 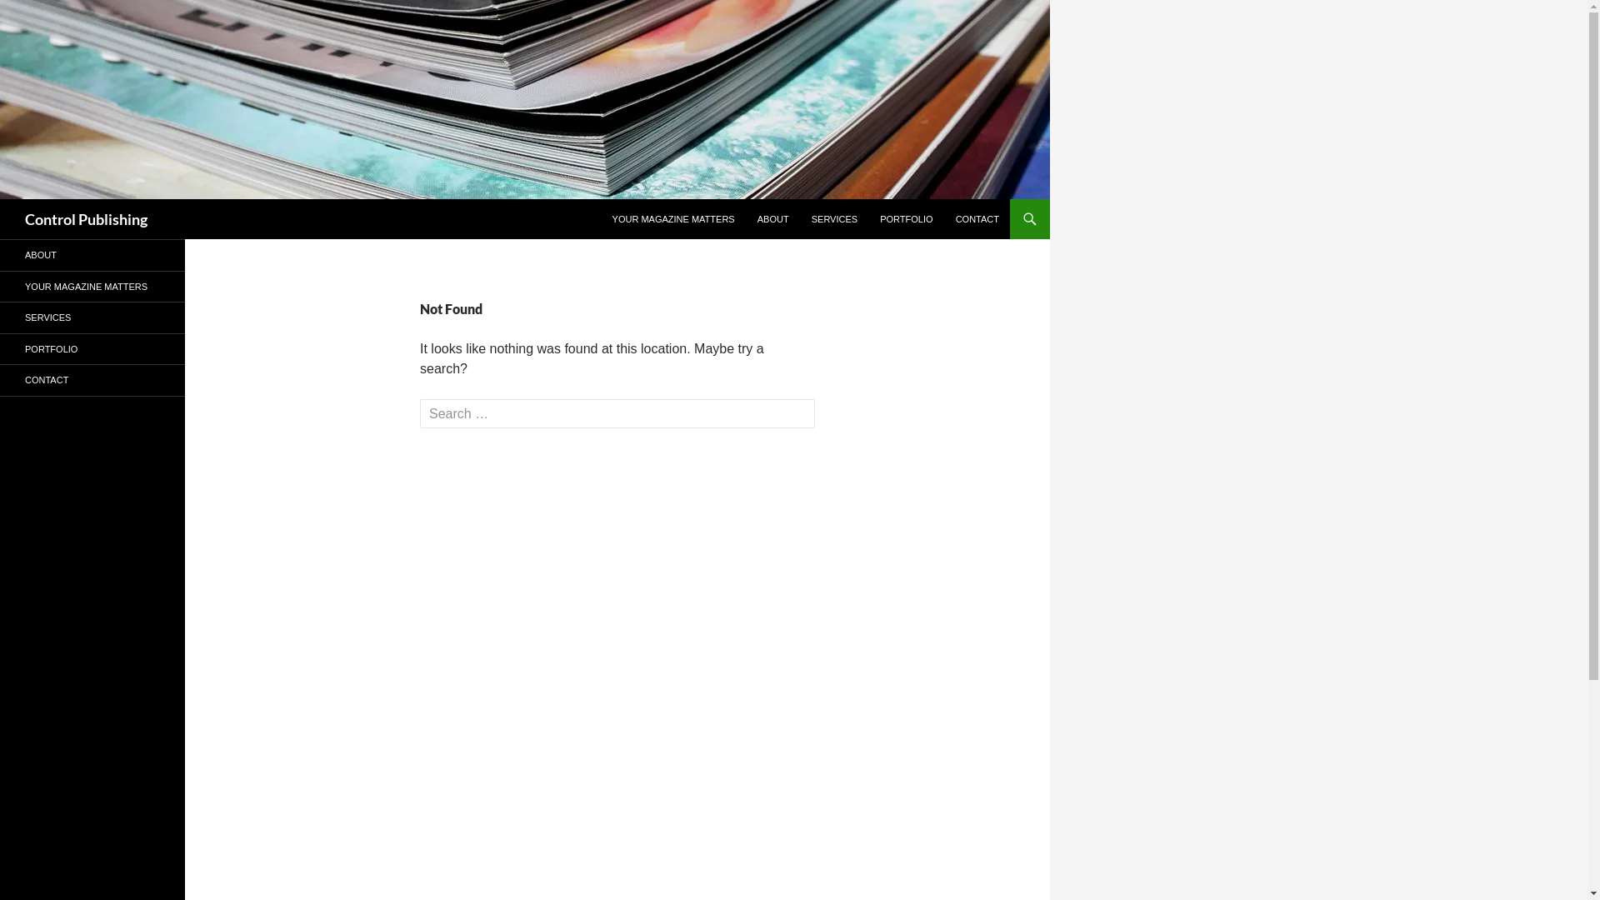 What do you see at coordinates (3, 197) in the screenshot?
I see `'Search'` at bounding box center [3, 197].